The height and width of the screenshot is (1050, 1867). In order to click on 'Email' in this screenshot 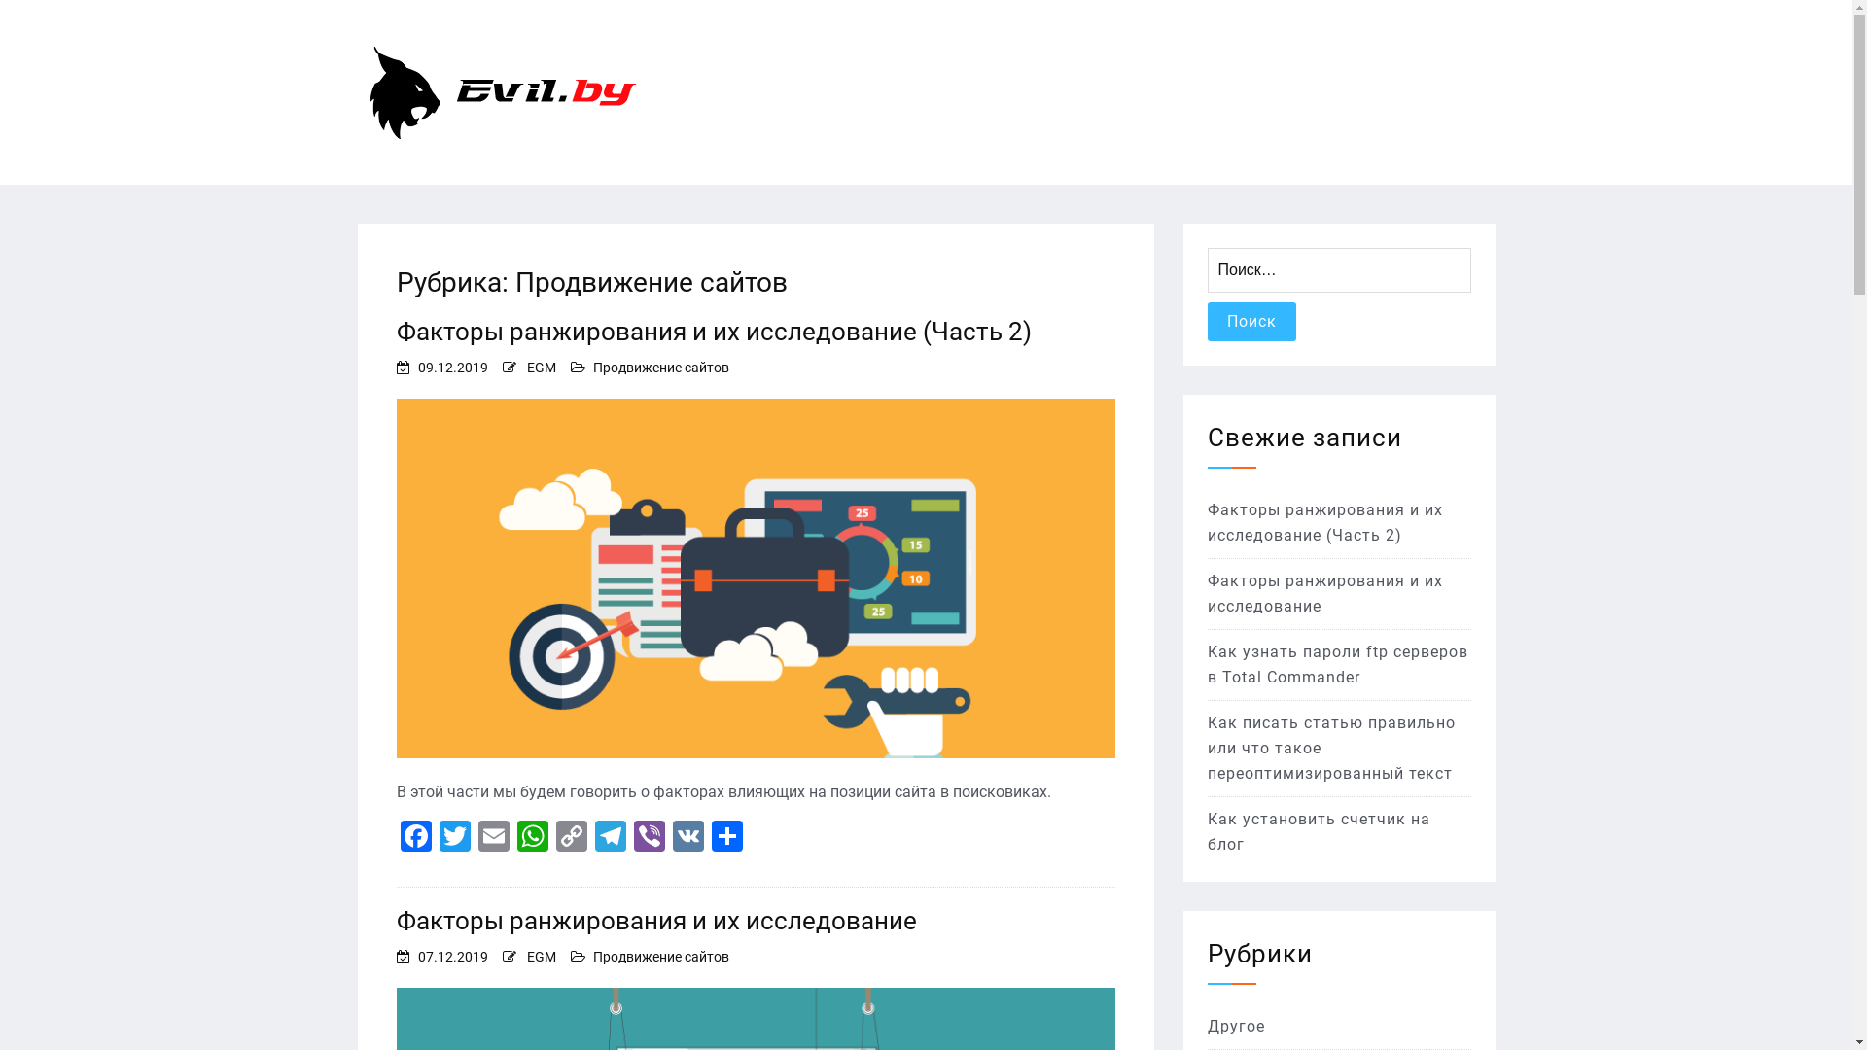, I will do `click(494, 837)`.